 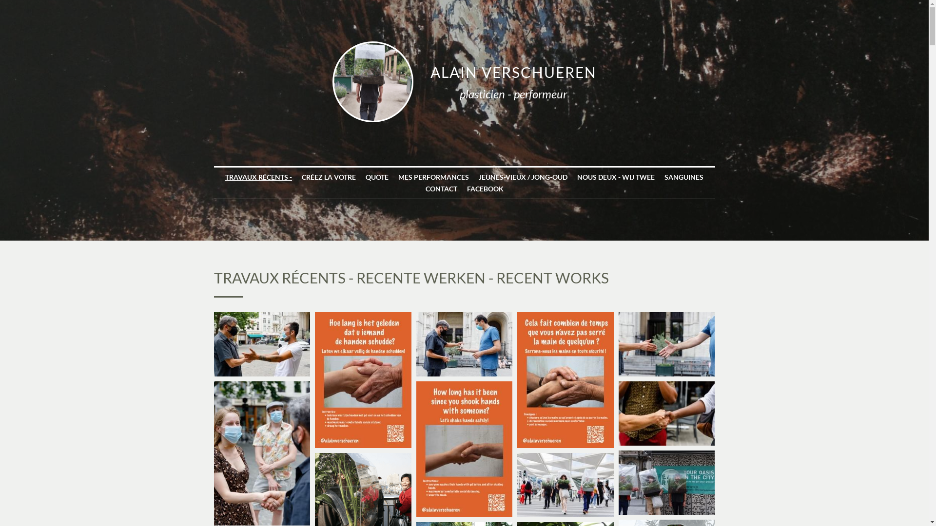 I want to click on 'FACEBOOK', so click(x=485, y=189).